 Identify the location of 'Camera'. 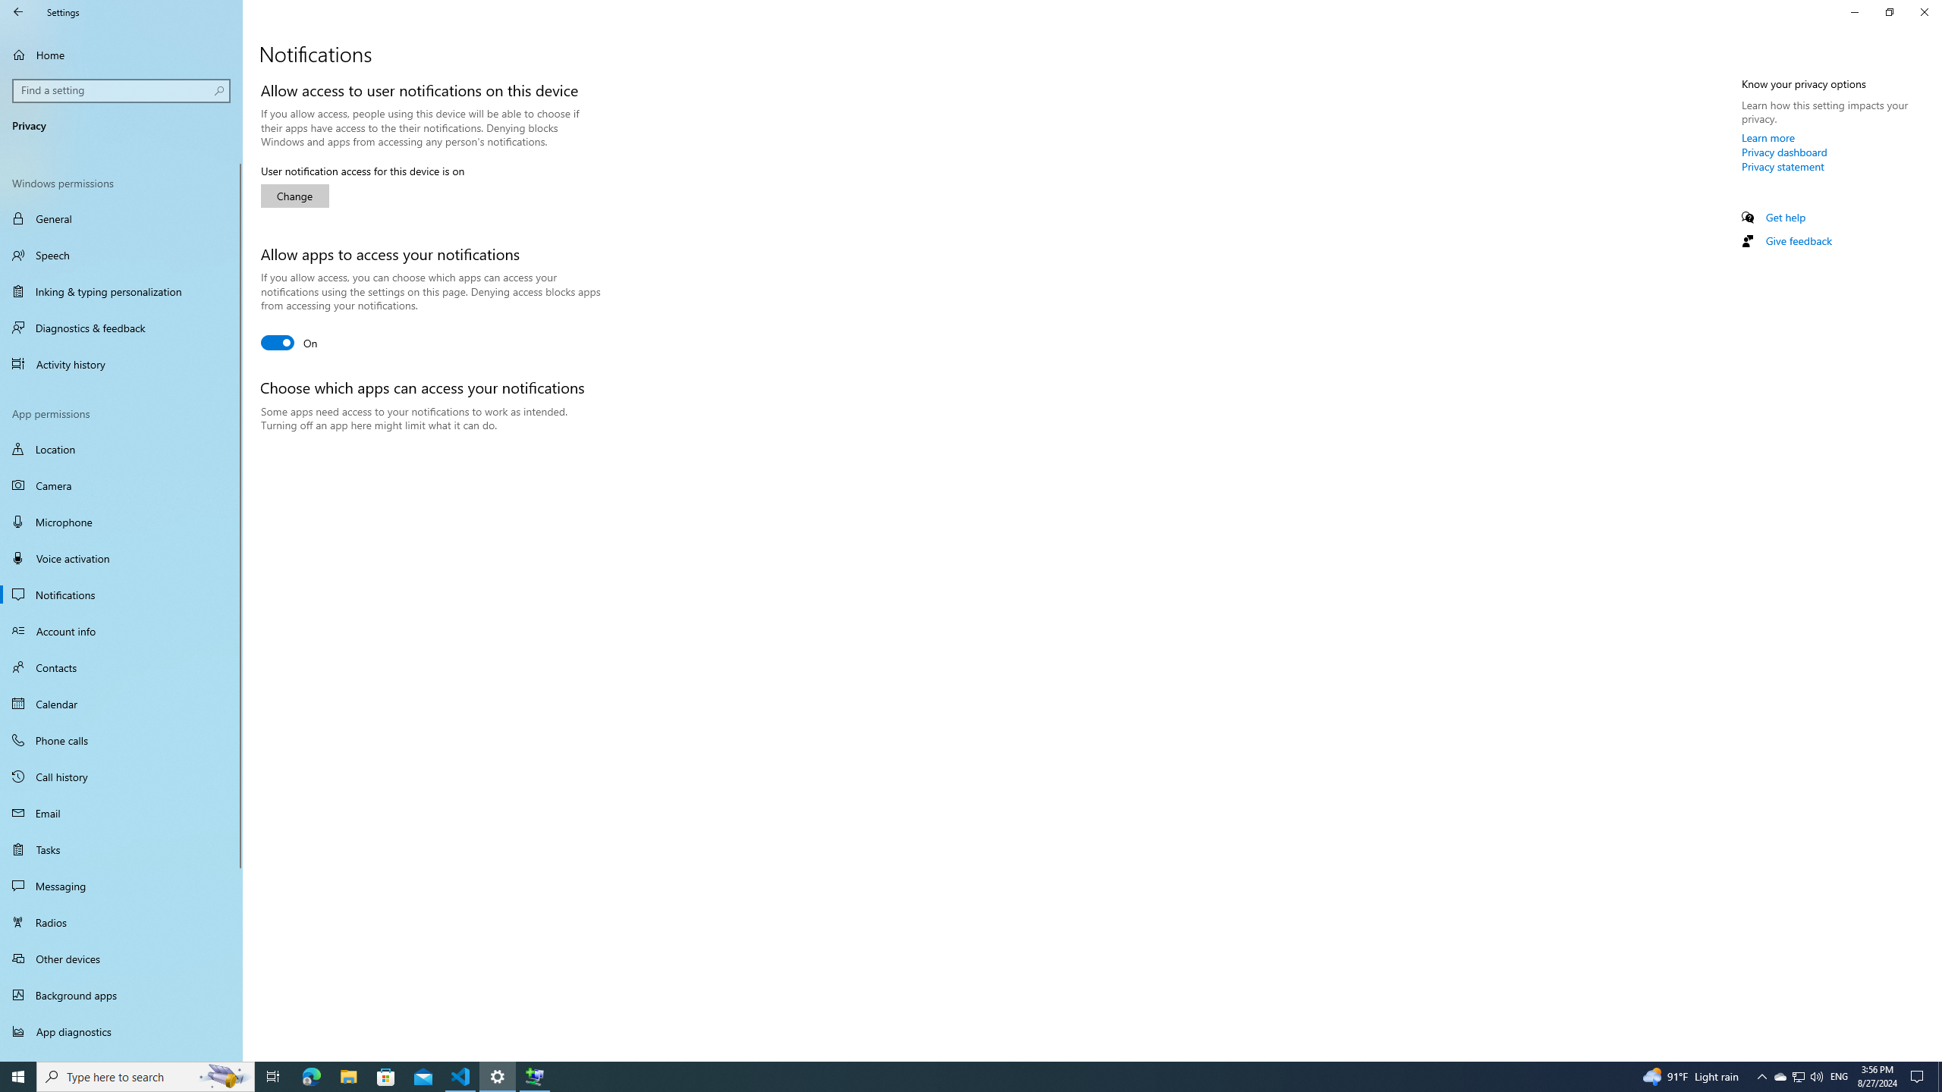
(121, 485).